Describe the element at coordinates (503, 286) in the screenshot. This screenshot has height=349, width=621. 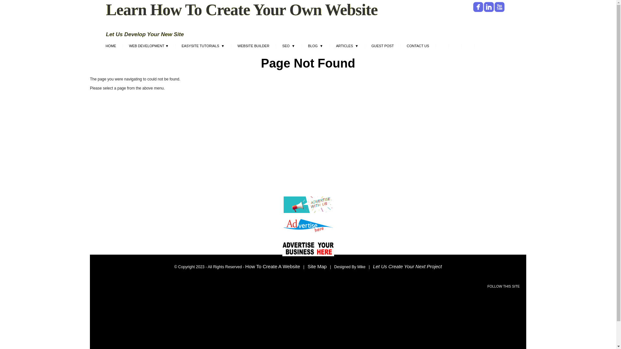
I see `'FOLLOW THIS SITE'` at that location.